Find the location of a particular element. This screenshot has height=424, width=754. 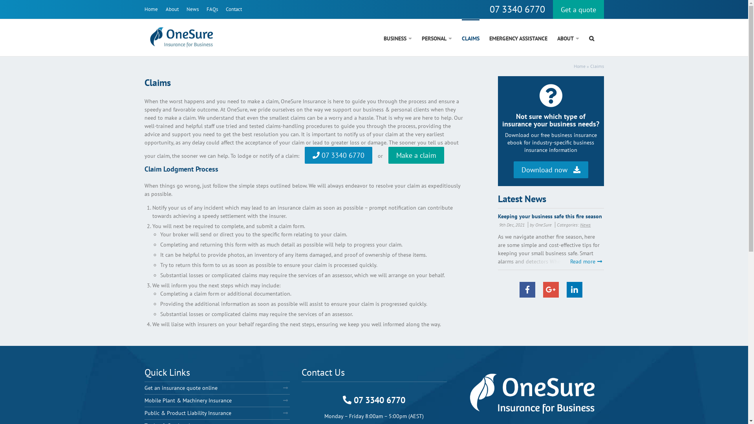

'Mobile Plant & Machinery Insurance' is located at coordinates (217, 400).